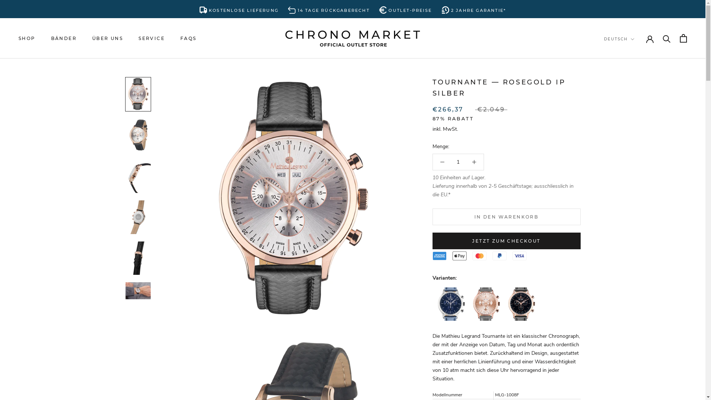 This screenshot has height=400, width=711. What do you see at coordinates (151, 38) in the screenshot?
I see `'SERVICE'` at bounding box center [151, 38].